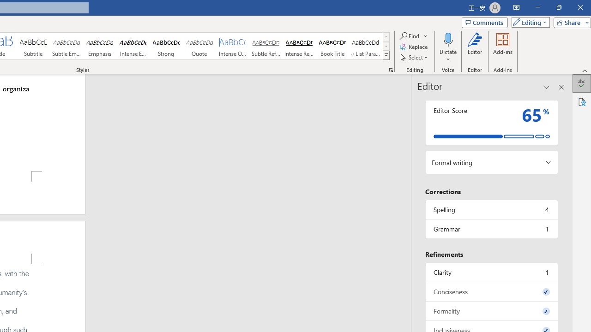 The height and width of the screenshot is (332, 591). I want to click on 'Editor Score 65%', so click(491, 122).